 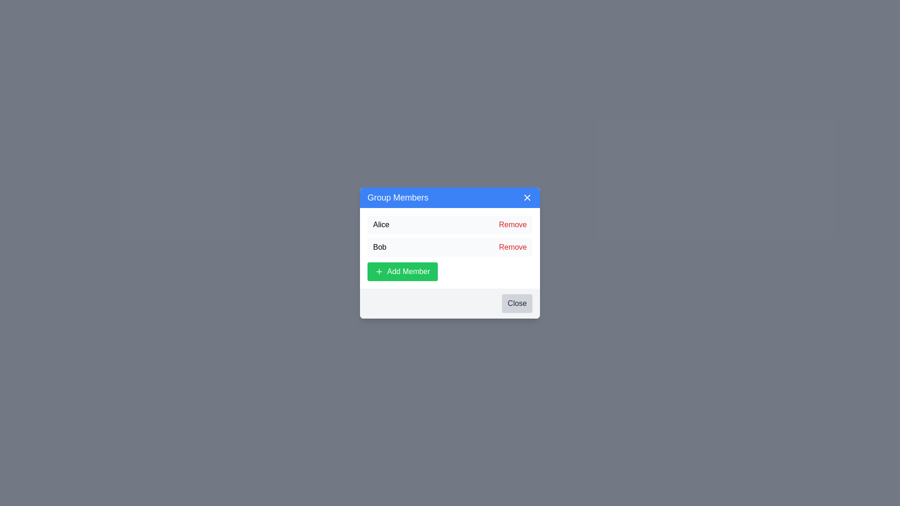 I want to click on the plus icon located to the left of the 'Add Member' text within the button in the lower-left quadrant of the popup dialog, so click(x=379, y=271).